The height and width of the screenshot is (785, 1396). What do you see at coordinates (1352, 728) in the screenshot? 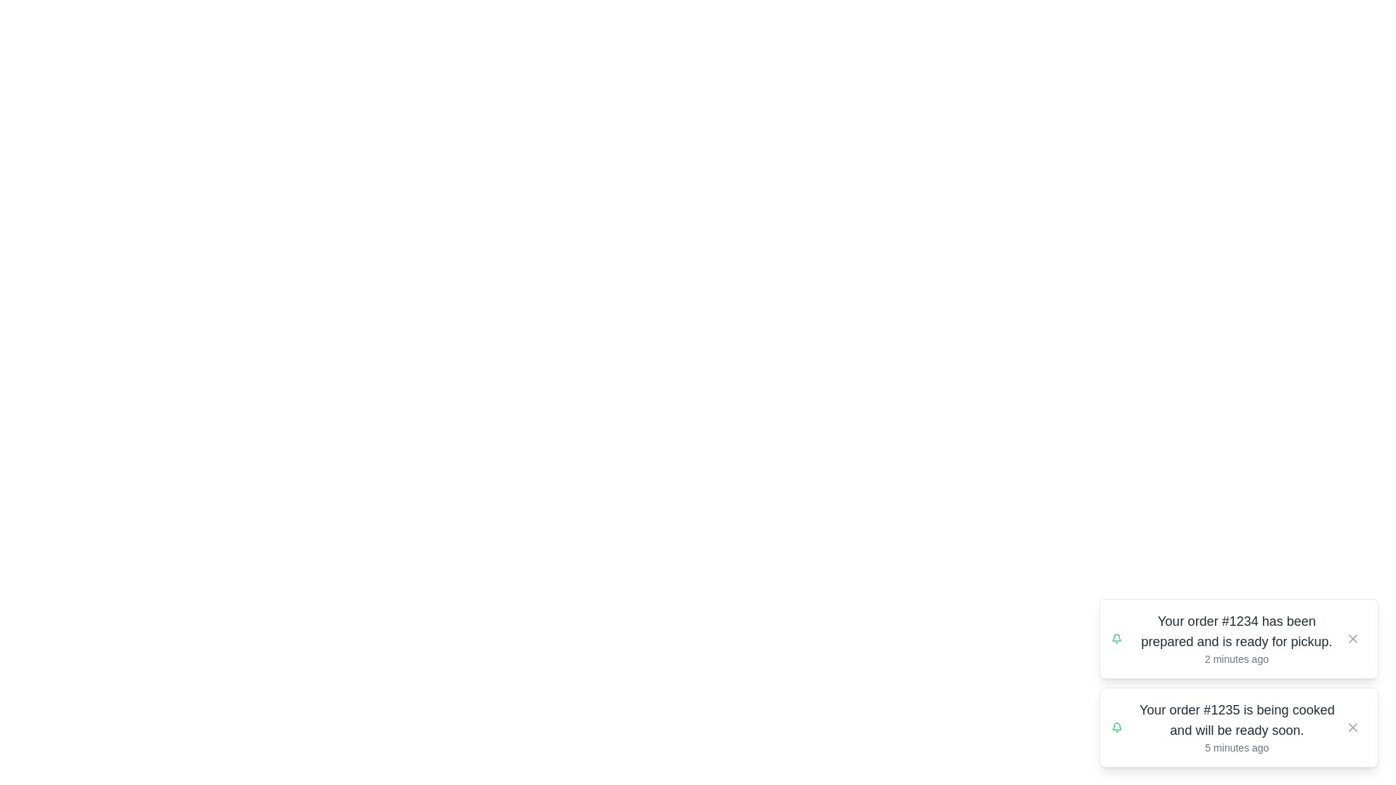
I see `the cross icon located at the bottom-right corner of the notification card for order #1235` at bounding box center [1352, 728].